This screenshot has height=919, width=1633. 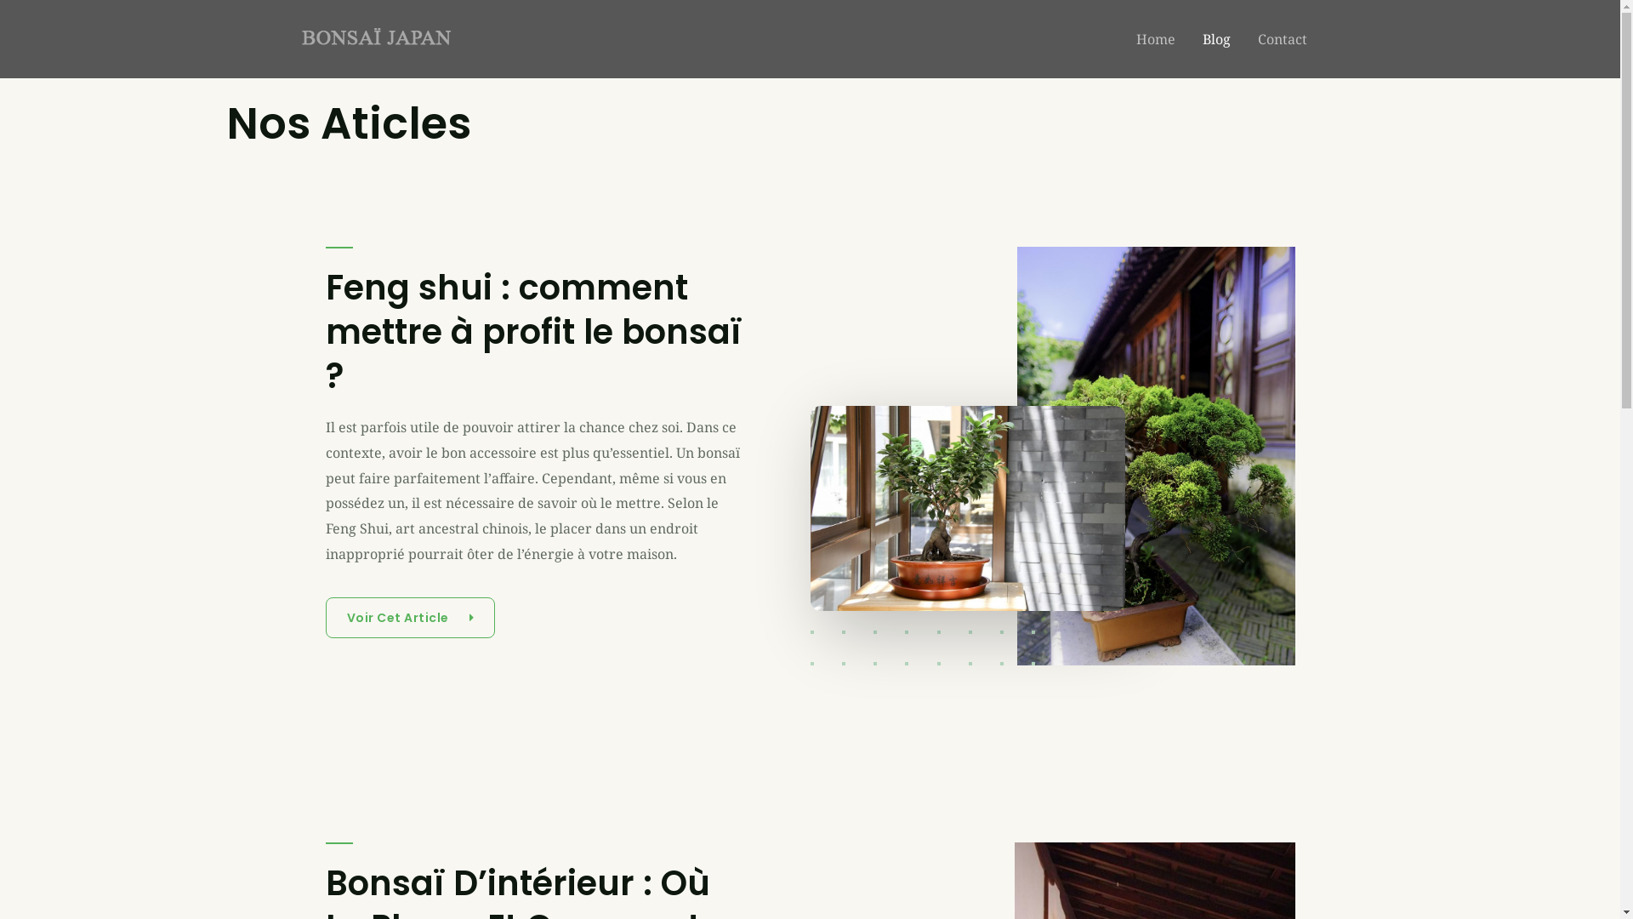 I want to click on 'Blog', so click(x=1215, y=38).